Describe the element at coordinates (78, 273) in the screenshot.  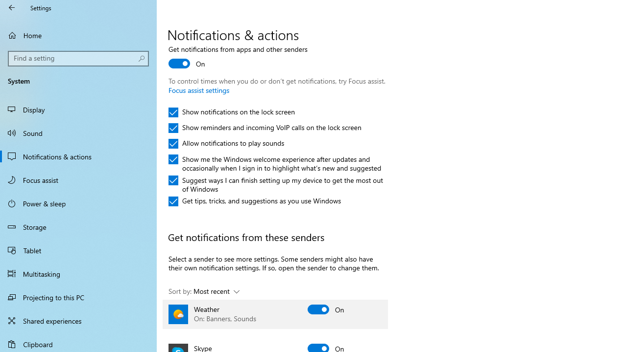
I see `'Multitasking'` at that location.